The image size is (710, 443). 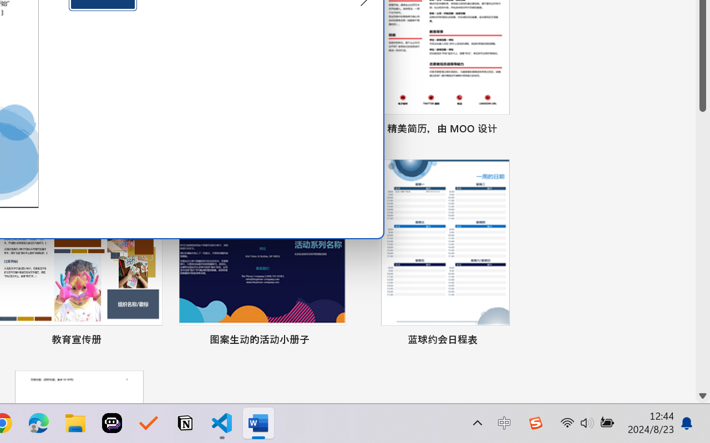 I want to click on 'Line down', so click(x=702, y=395).